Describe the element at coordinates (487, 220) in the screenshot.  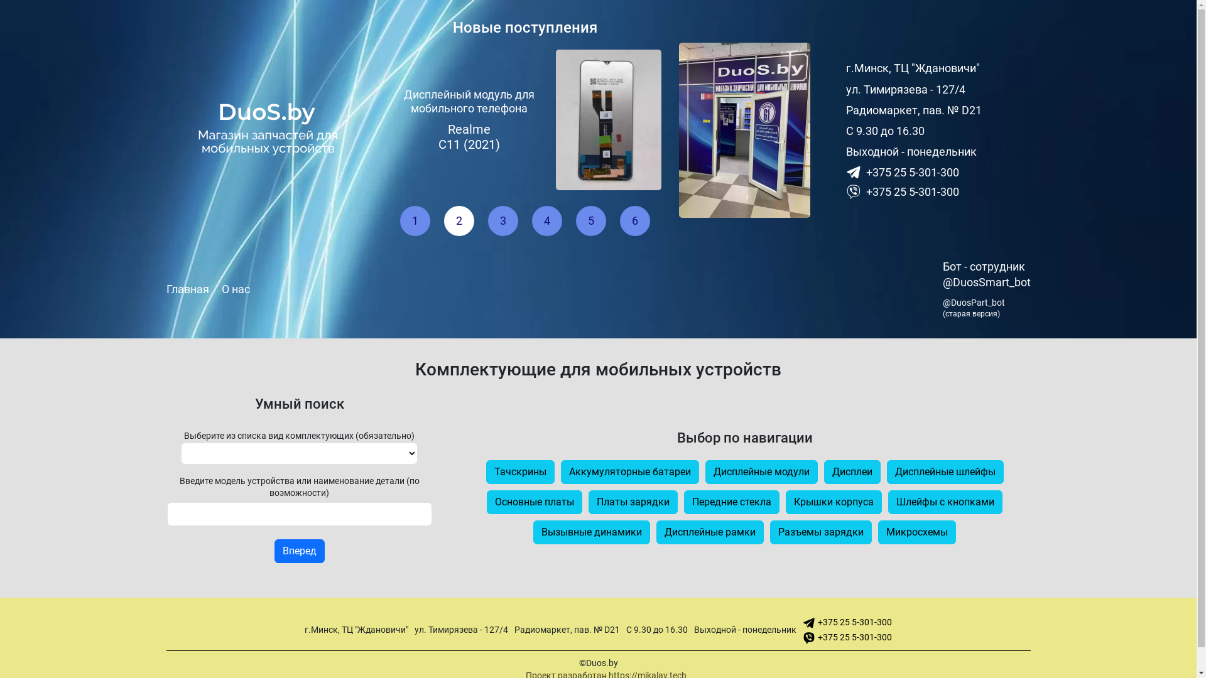
I see `'3'` at that location.